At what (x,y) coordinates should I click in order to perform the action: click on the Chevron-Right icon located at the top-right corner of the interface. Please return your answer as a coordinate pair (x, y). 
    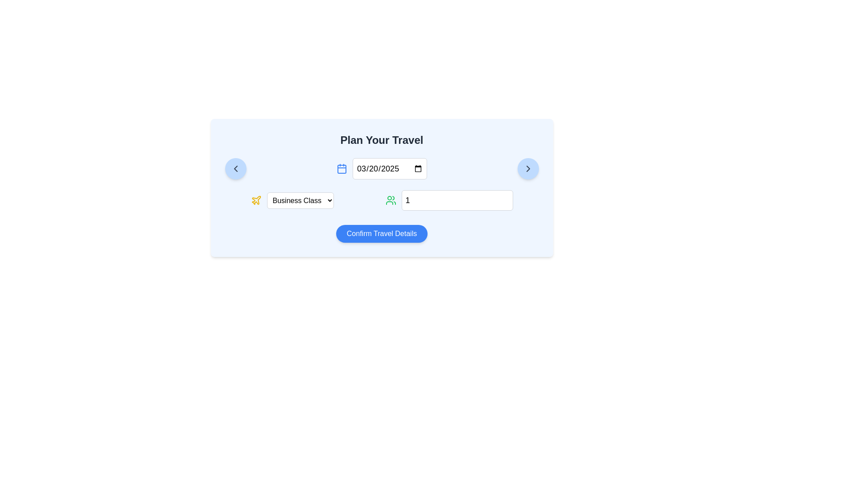
    Looking at the image, I should click on (528, 168).